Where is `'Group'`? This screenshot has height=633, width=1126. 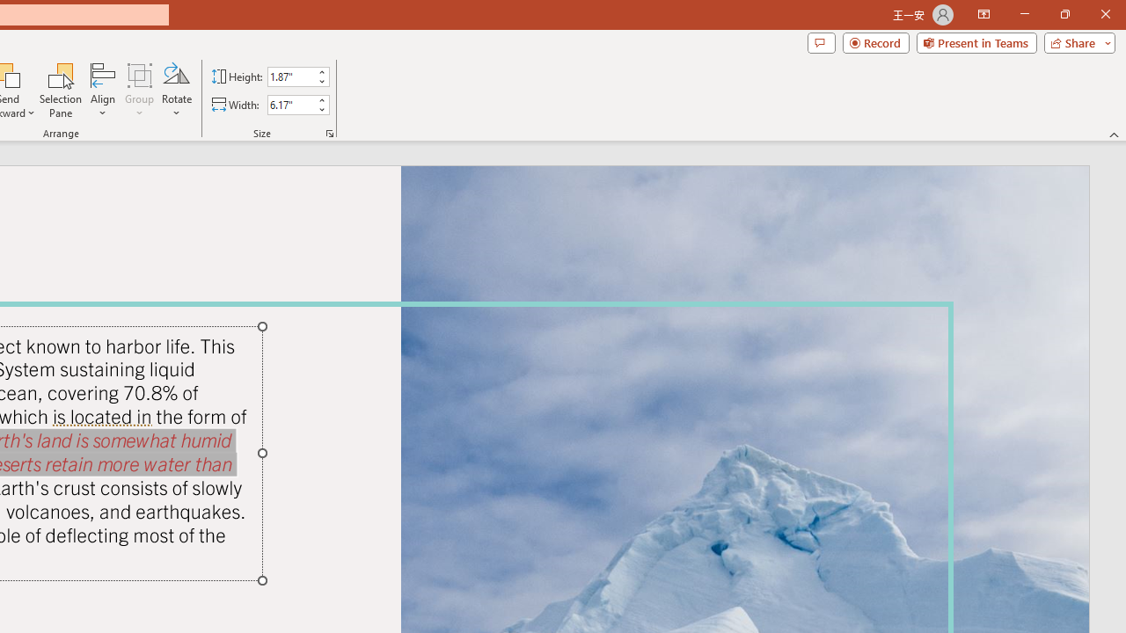 'Group' is located at coordinates (139, 91).